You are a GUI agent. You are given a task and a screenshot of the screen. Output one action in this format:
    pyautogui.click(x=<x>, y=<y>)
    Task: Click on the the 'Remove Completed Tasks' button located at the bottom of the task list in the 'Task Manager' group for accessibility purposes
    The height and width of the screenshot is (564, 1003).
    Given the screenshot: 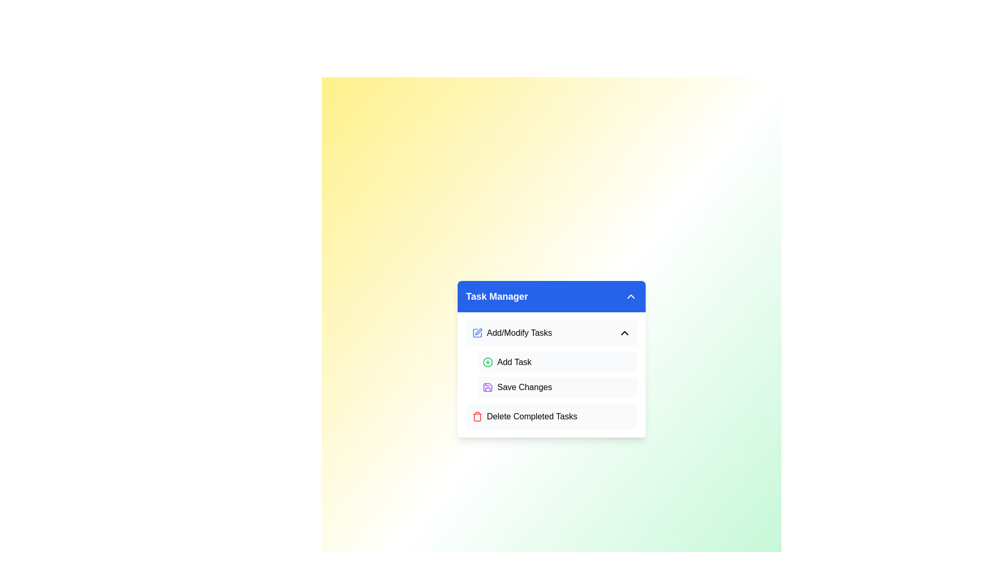 What is the action you would take?
    pyautogui.click(x=551, y=416)
    